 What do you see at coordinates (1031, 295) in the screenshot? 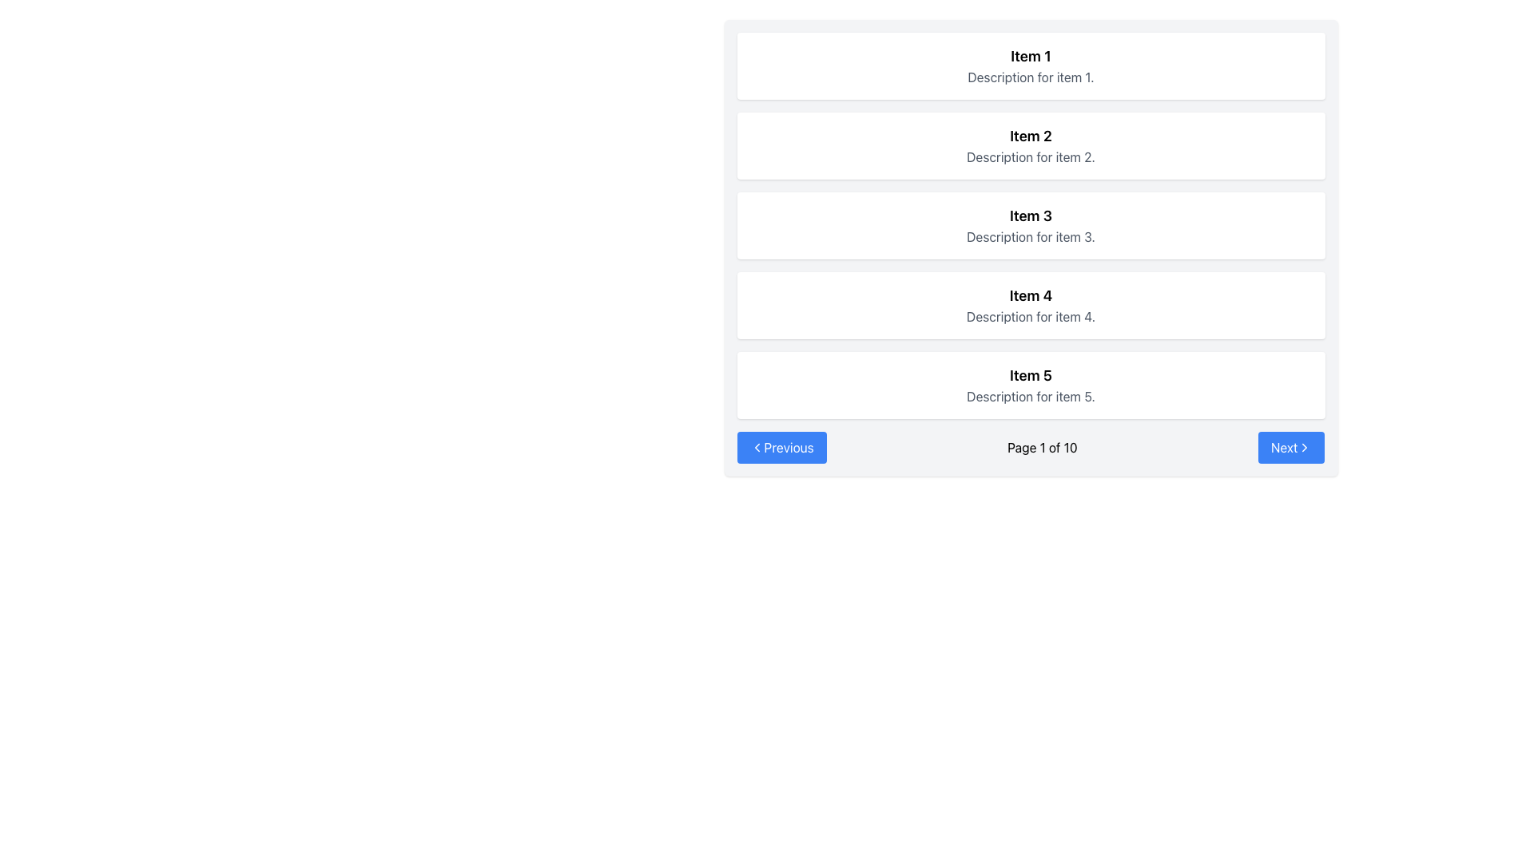
I see `text content of the title for the fourth item in the vertically stacked list, which is centered at the top of the card for 'Item 4'` at bounding box center [1031, 295].